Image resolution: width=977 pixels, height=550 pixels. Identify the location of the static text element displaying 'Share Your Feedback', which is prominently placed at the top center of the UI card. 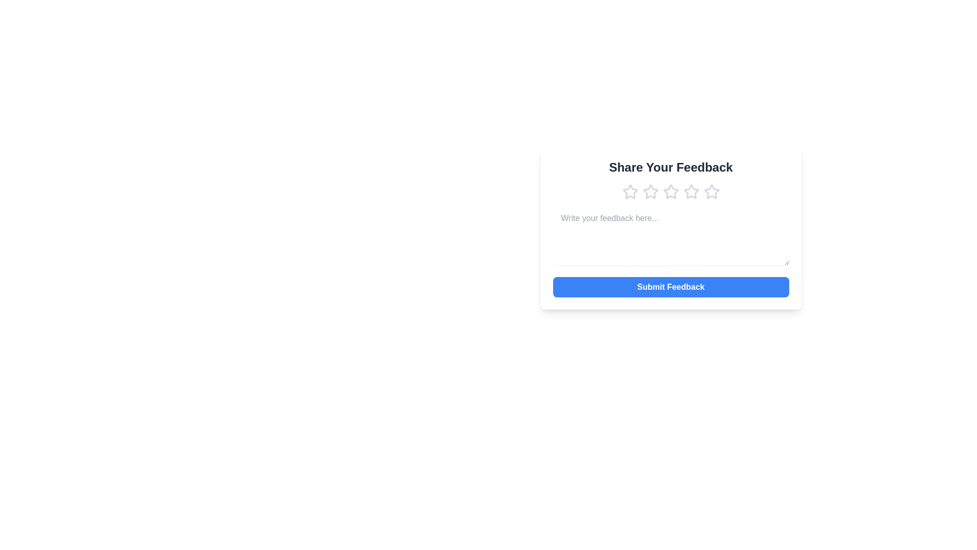
(671, 167).